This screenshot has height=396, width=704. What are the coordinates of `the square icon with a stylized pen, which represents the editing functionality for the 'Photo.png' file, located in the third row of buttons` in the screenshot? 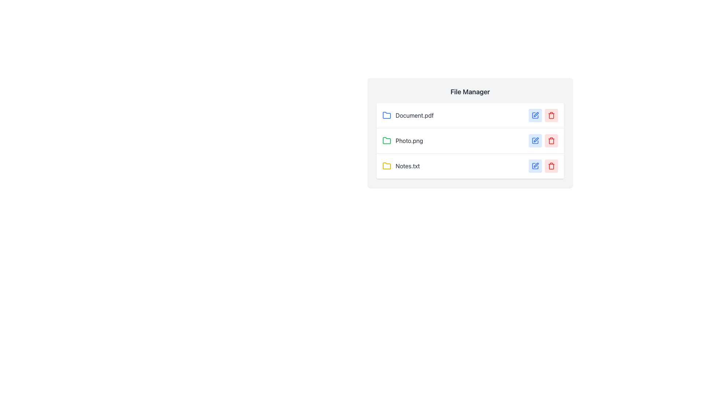 It's located at (535, 115).